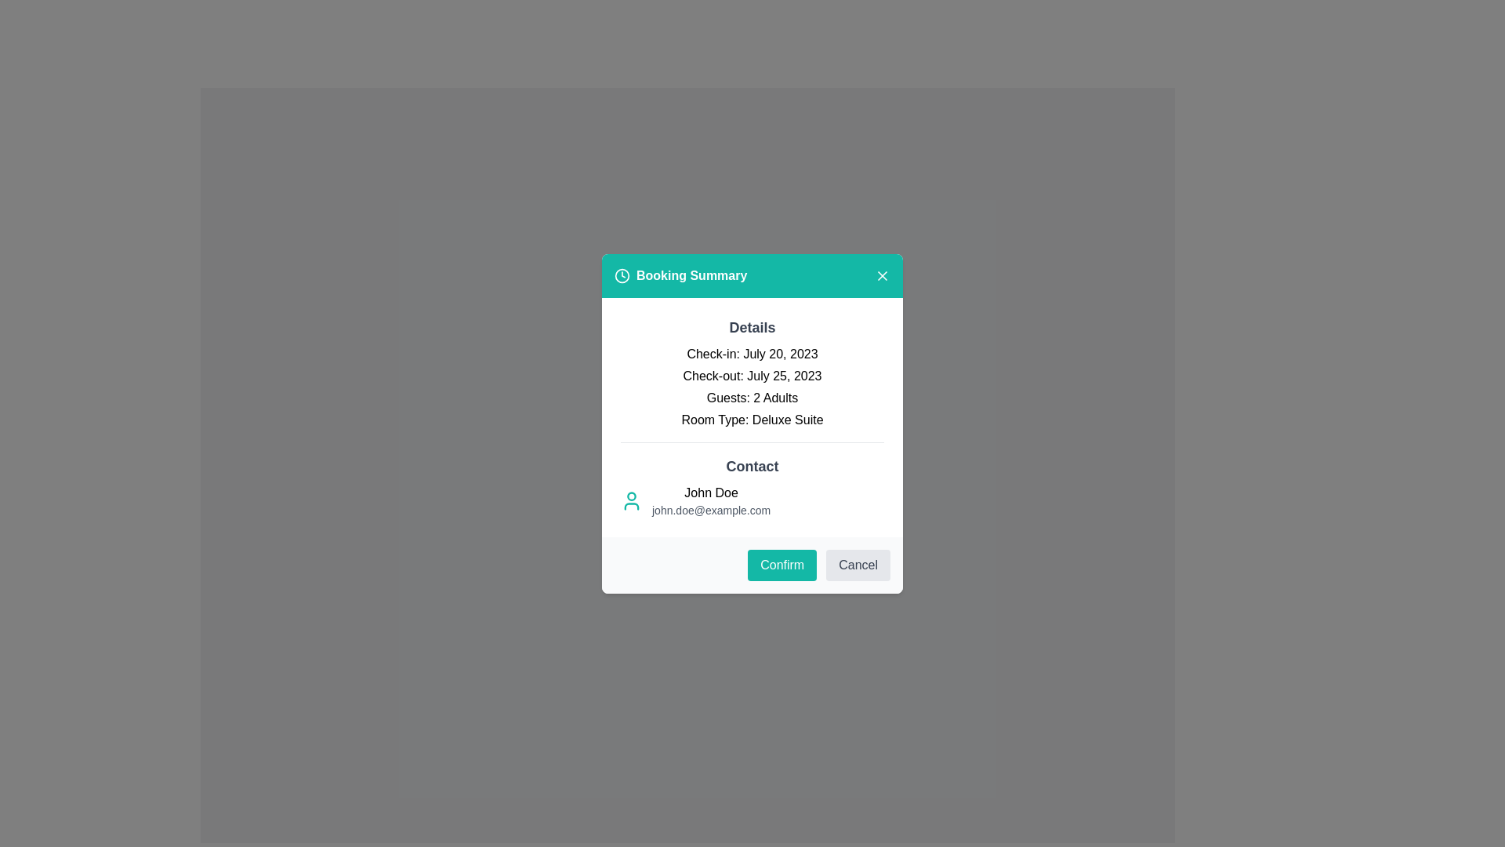 The height and width of the screenshot is (847, 1505). I want to click on the Close Icon located in the top-right corner of the modal dialog's header section, so click(883, 274).